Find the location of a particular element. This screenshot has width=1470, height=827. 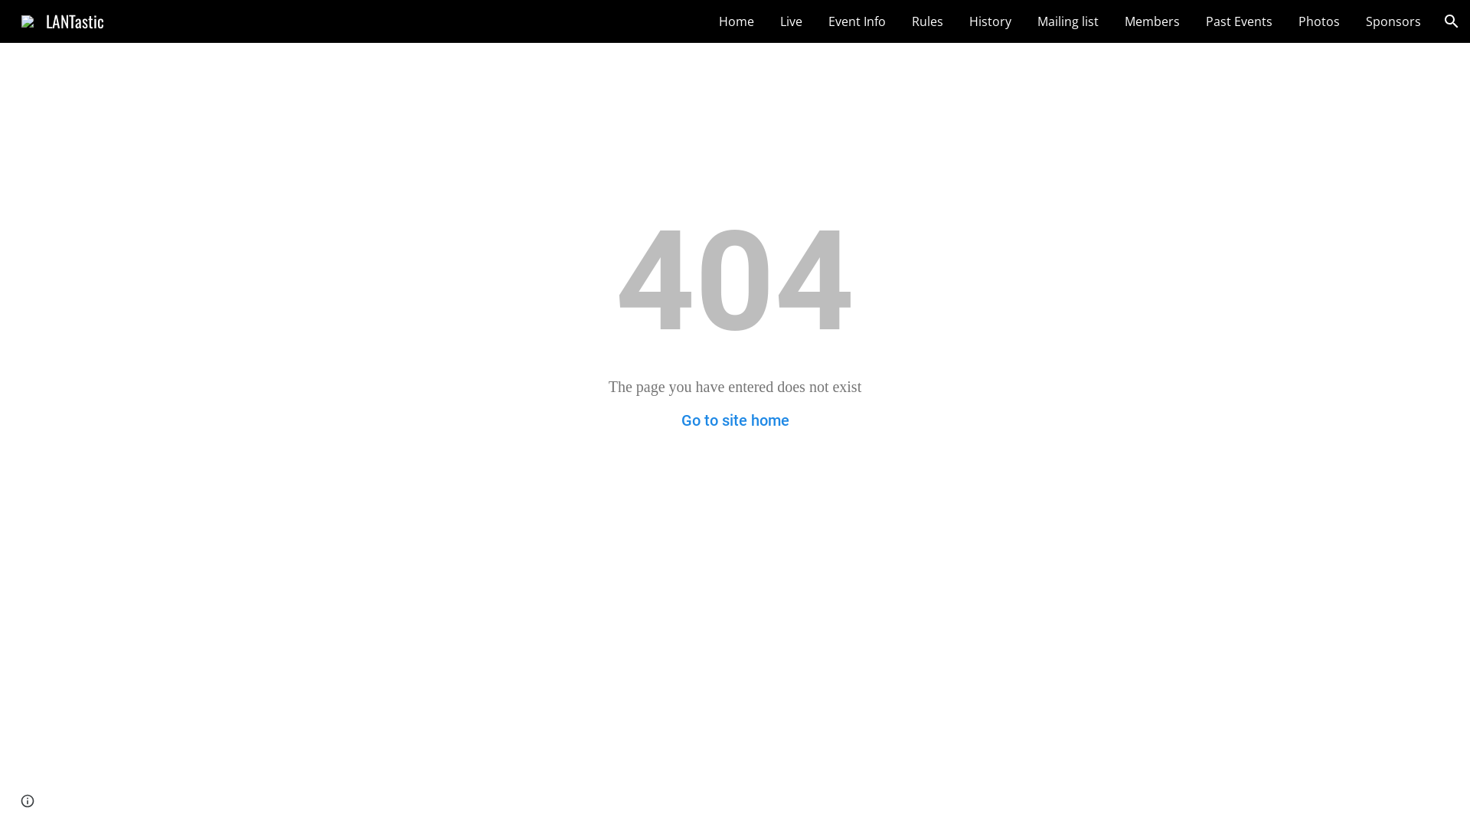

'History' is located at coordinates (990, 21).